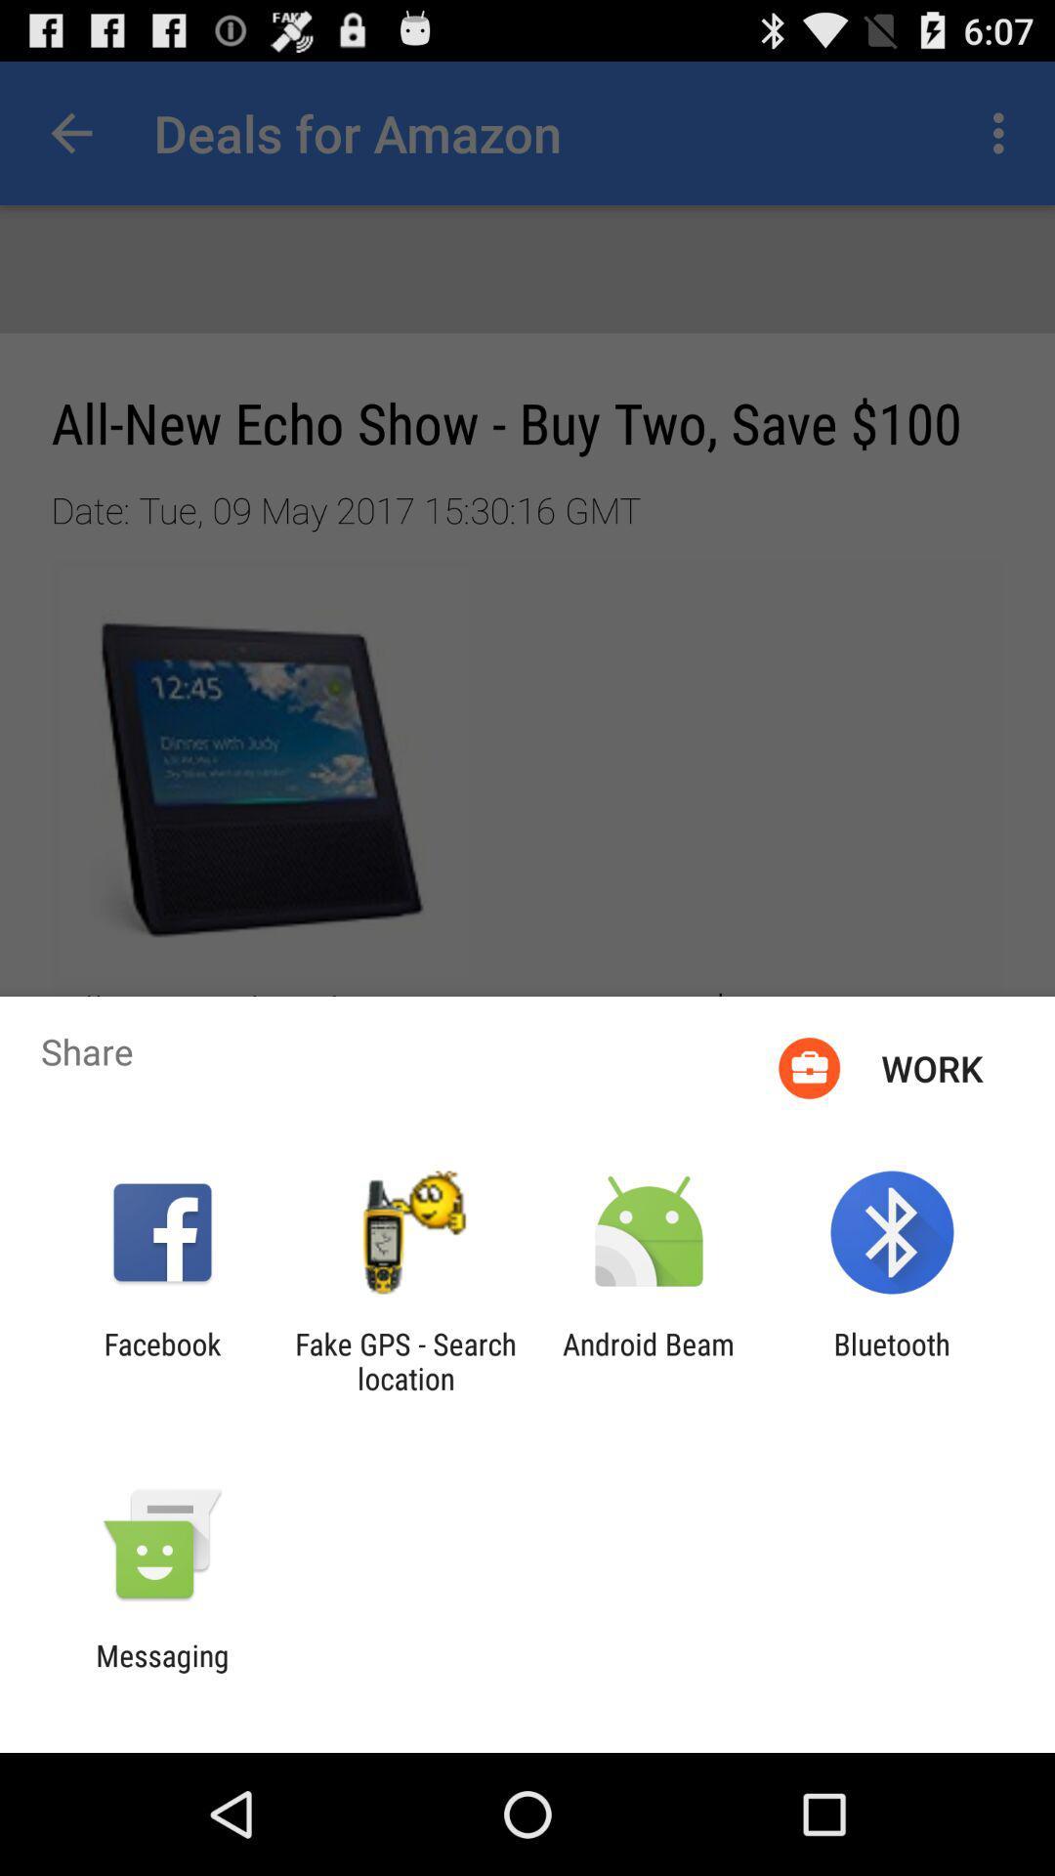  What do you see at coordinates (161, 1672) in the screenshot?
I see `messaging item` at bounding box center [161, 1672].